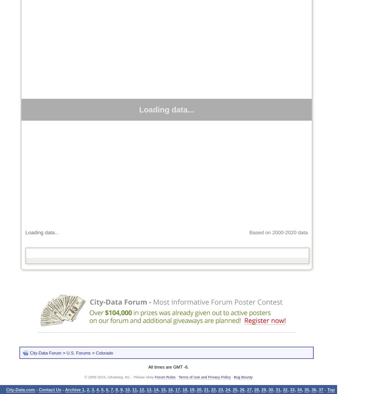 The image size is (382, 394). What do you see at coordinates (278, 232) in the screenshot?
I see `'Based on 2000-2020 data'` at bounding box center [278, 232].